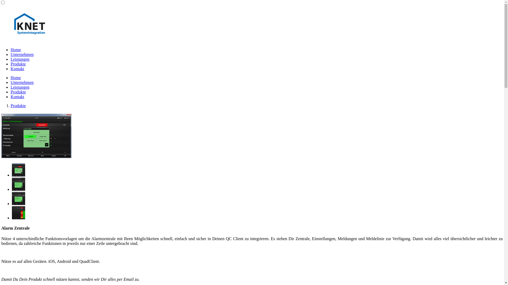 Image resolution: width=508 pixels, height=285 pixels. I want to click on 'Kontakt', so click(17, 68).